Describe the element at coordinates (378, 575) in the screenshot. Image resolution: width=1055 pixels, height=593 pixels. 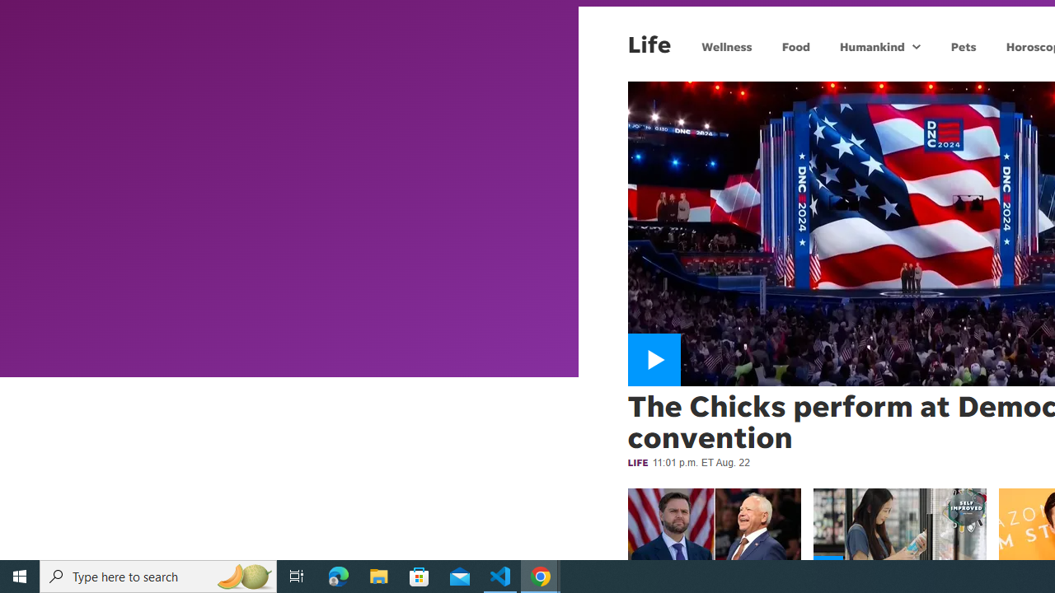
I see `'File Explorer'` at that location.